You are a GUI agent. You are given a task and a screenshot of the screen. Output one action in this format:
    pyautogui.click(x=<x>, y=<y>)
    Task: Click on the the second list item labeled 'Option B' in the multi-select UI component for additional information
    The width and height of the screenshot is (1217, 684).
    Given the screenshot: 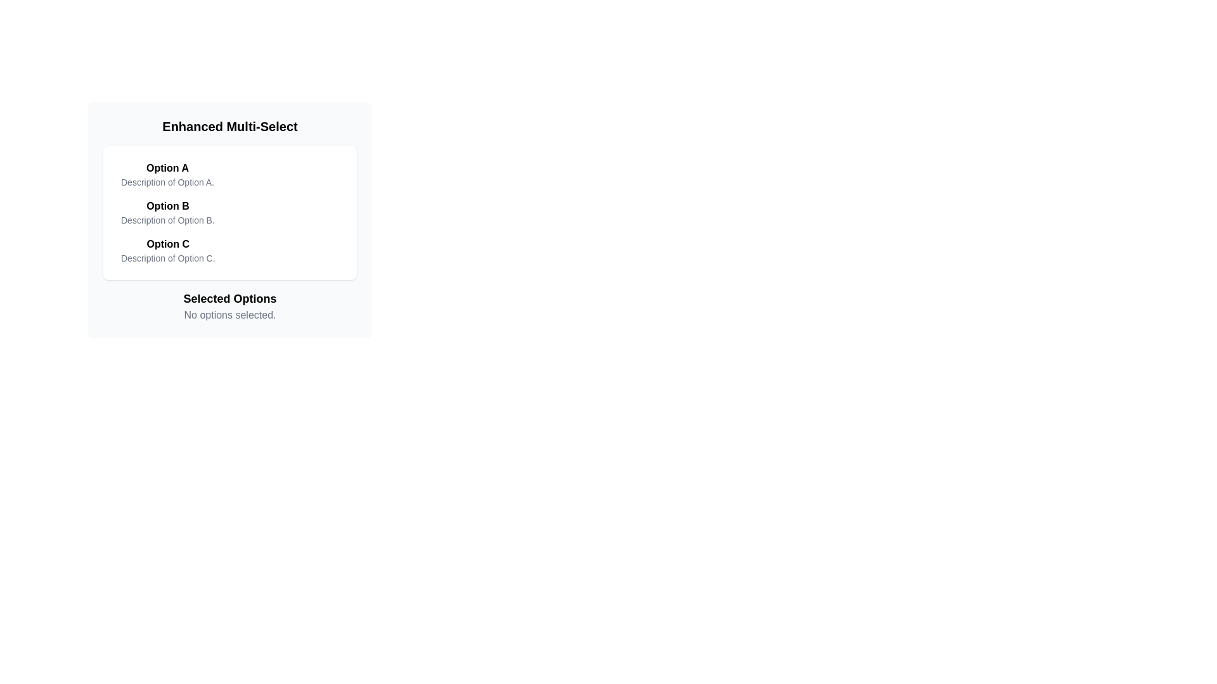 What is the action you would take?
    pyautogui.click(x=230, y=212)
    